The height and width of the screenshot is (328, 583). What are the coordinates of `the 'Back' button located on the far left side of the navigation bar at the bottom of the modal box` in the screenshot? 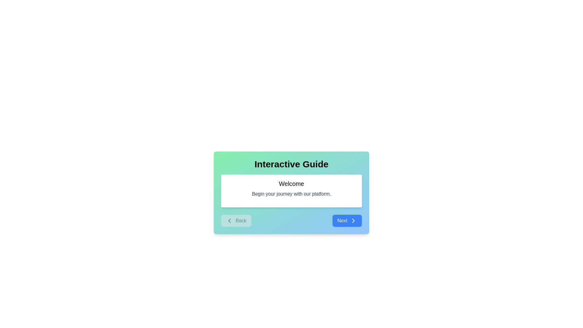 It's located at (236, 220).